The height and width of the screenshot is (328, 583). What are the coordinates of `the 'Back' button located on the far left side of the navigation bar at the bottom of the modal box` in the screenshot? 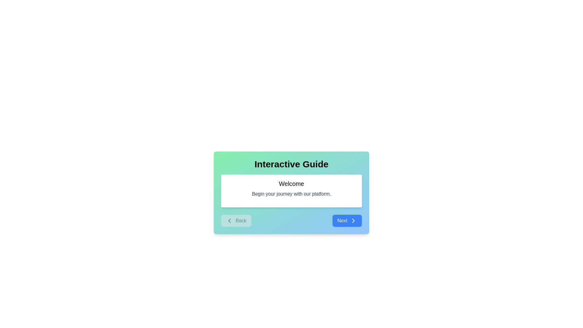 It's located at (236, 220).